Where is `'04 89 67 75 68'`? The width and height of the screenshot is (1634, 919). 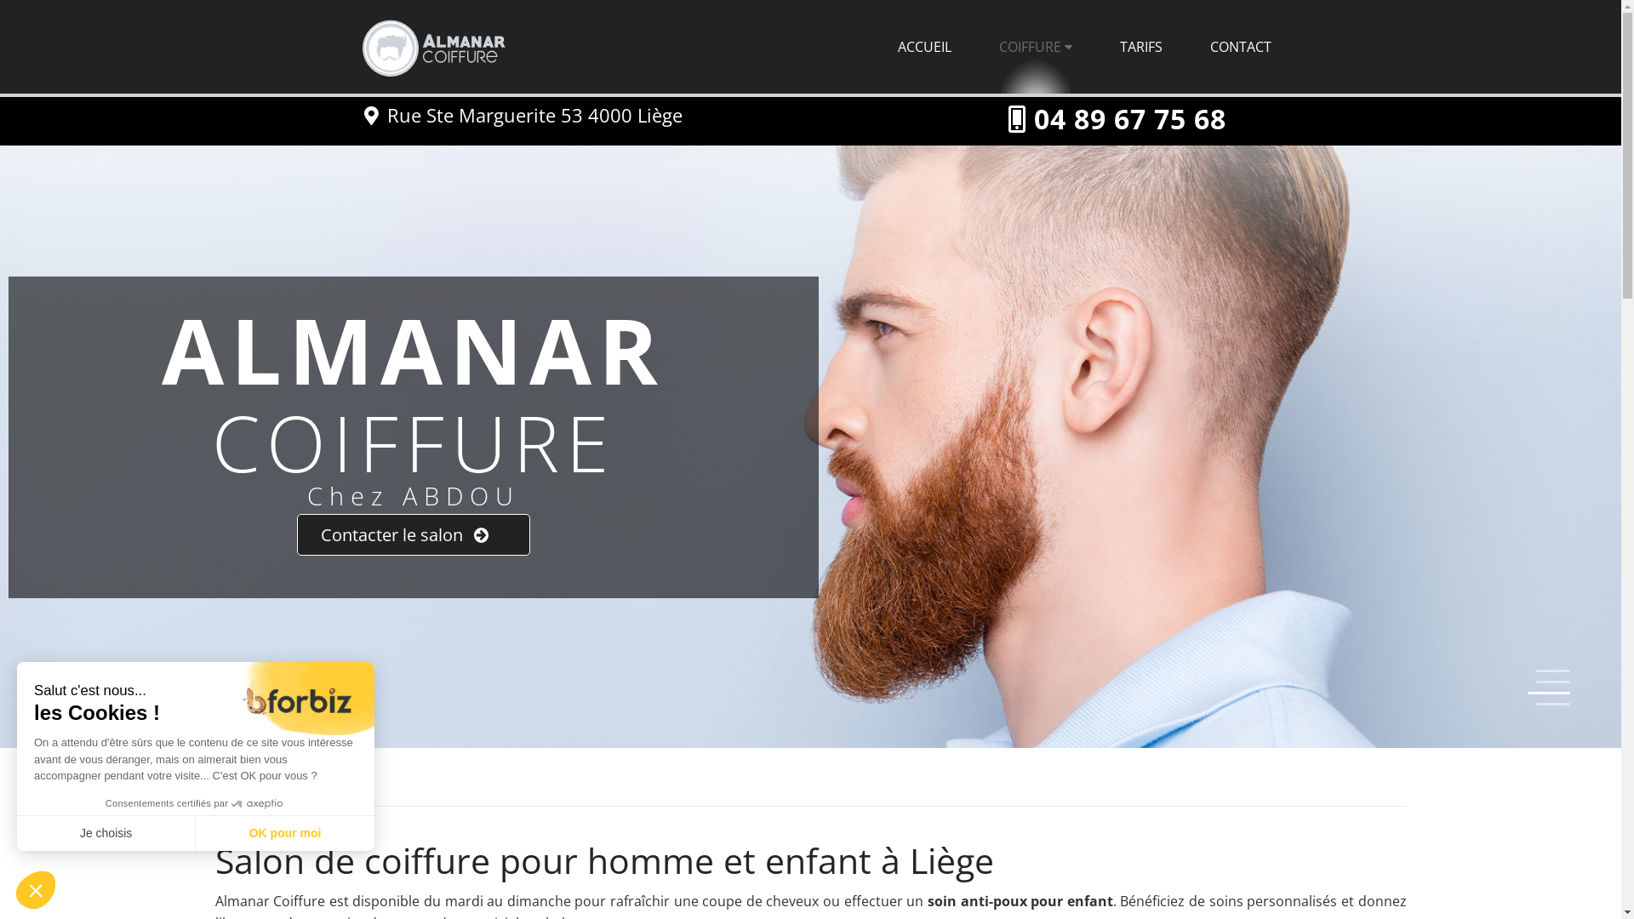 '04 89 67 75 68' is located at coordinates (1128, 117).